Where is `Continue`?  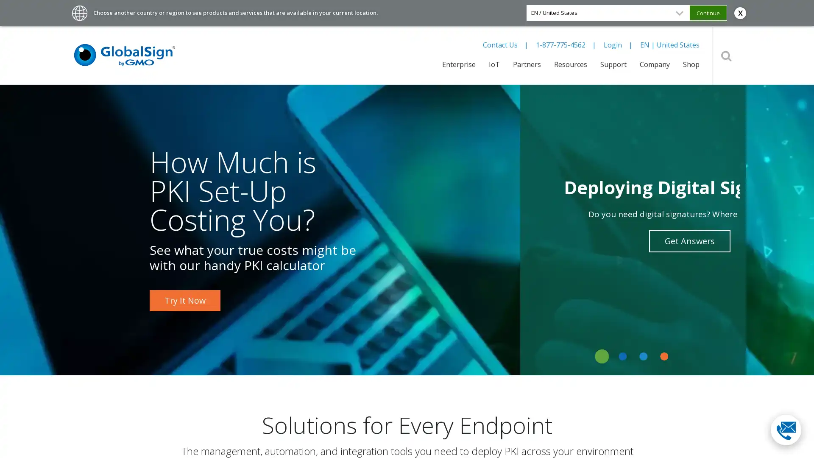 Continue is located at coordinates (708, 13).